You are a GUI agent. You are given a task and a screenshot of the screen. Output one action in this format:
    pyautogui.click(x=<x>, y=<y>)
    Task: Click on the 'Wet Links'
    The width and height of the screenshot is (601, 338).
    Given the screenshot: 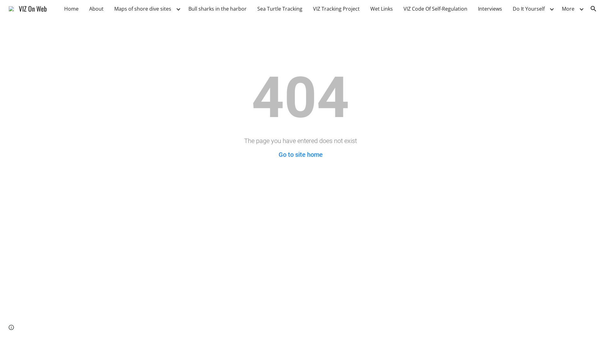 What is the action you would take?
    pyautogui.click(x=381, y=8)
    